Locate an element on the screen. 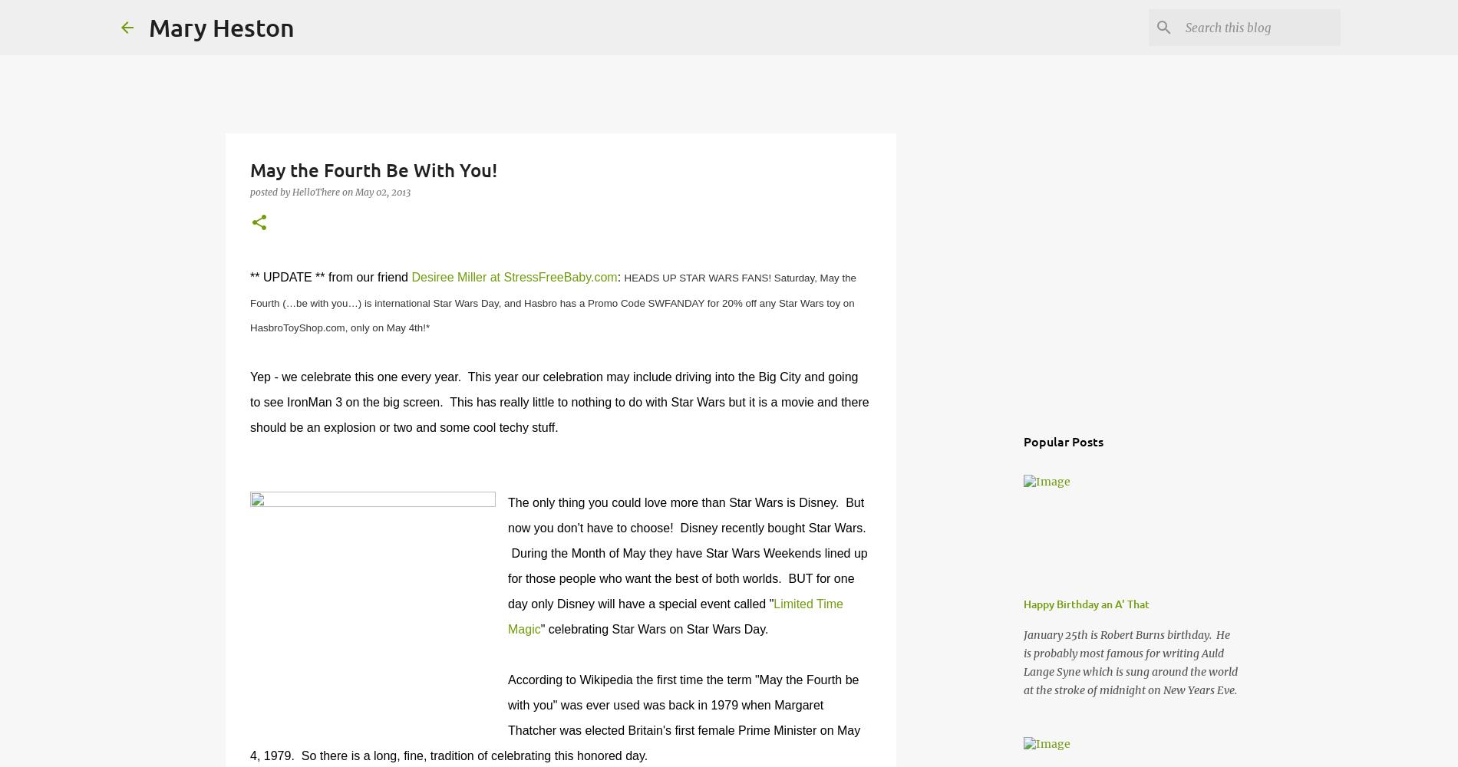 The width and height of the screenshot is (1458, 767). 'on' is located at coordinates (348, 192).